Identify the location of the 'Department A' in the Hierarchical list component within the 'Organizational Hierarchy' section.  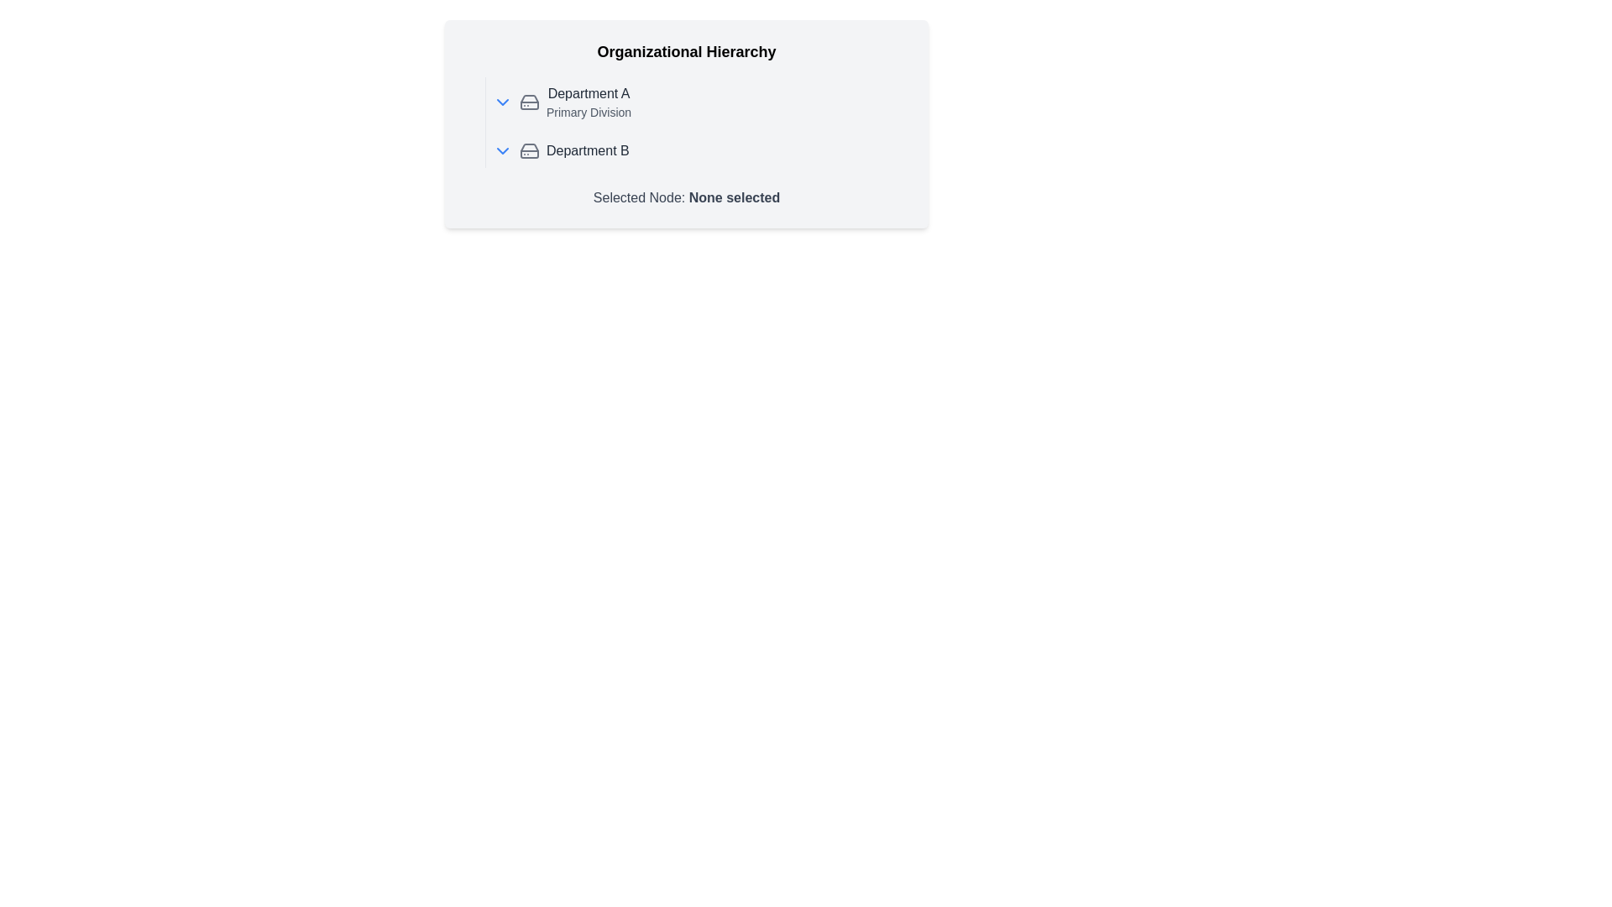
(686, 122).